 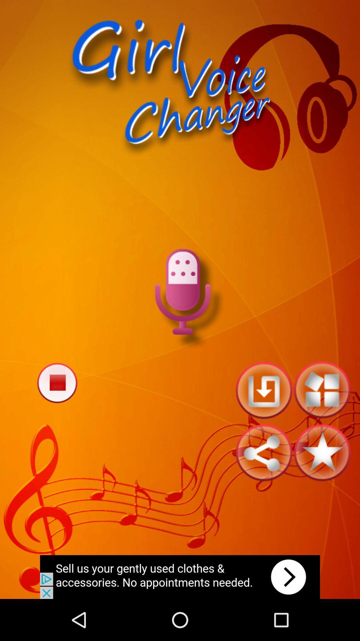 I want to click on stop button, so click(x=57, y=383).